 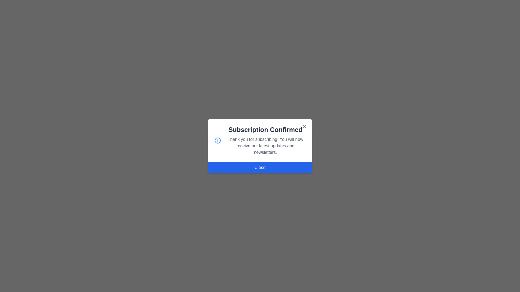 What do you see at coordinates (304, 126) in the screenshot?
I see `close button at the top-right corner of the dialog to dismiss it` at bounding box center [304, 126].